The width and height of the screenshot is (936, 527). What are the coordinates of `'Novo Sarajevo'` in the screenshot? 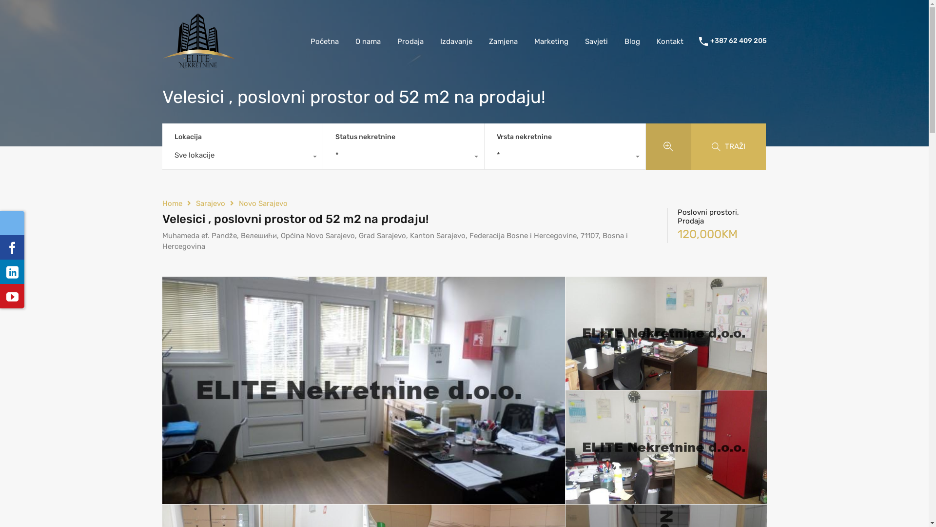 It's located at (263, 203).